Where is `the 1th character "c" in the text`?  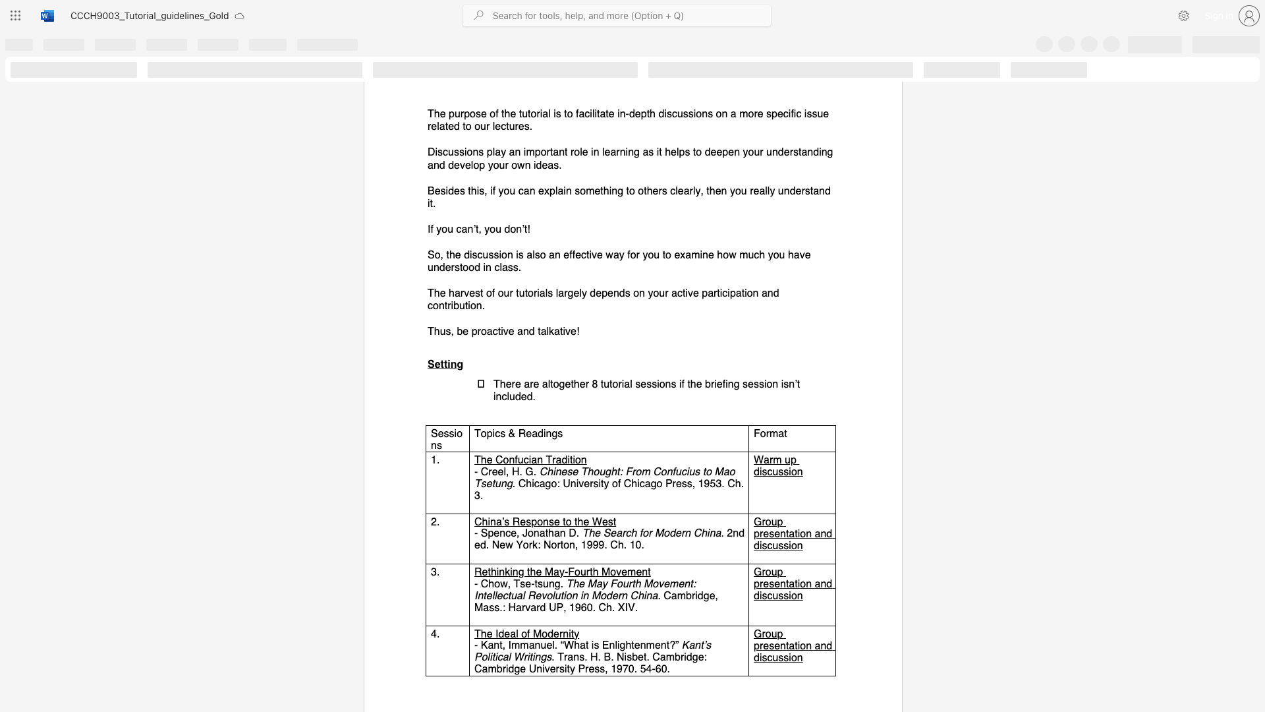 the 1th character "c" in the text is located at coordinates (445, 152).